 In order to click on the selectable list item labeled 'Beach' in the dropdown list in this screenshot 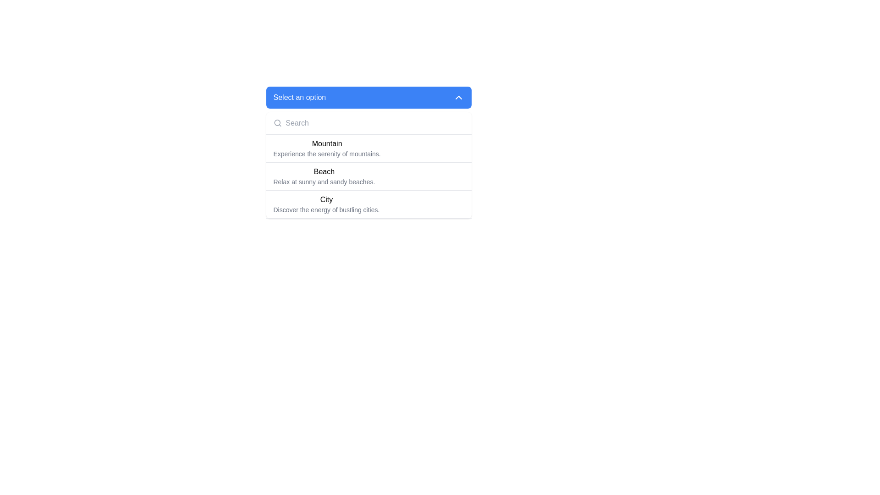, I will do `click(368, 176)`.